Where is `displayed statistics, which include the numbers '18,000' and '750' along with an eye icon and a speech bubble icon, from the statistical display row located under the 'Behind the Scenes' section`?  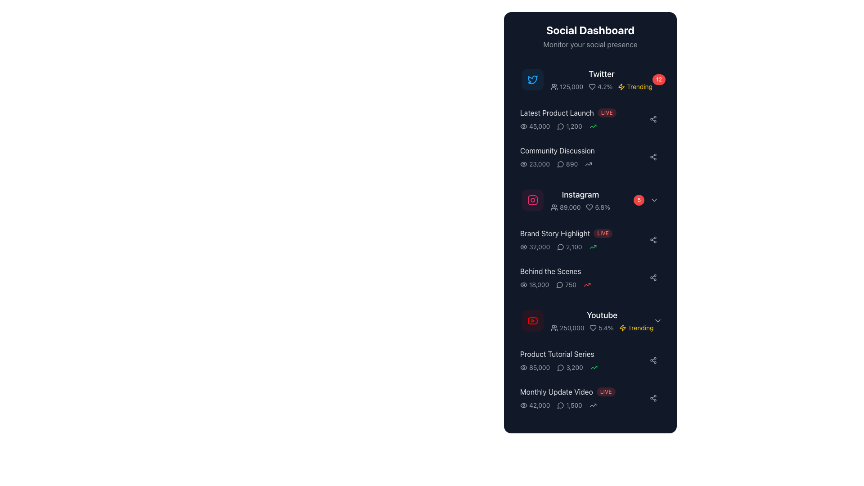 displayed statistics, which include the numbers '18,000' and '750' along with an eye icon and a speech bubble icon, from the statistical display row located under the 'Behind the Scenes' section is located at coordinates (583, 284).